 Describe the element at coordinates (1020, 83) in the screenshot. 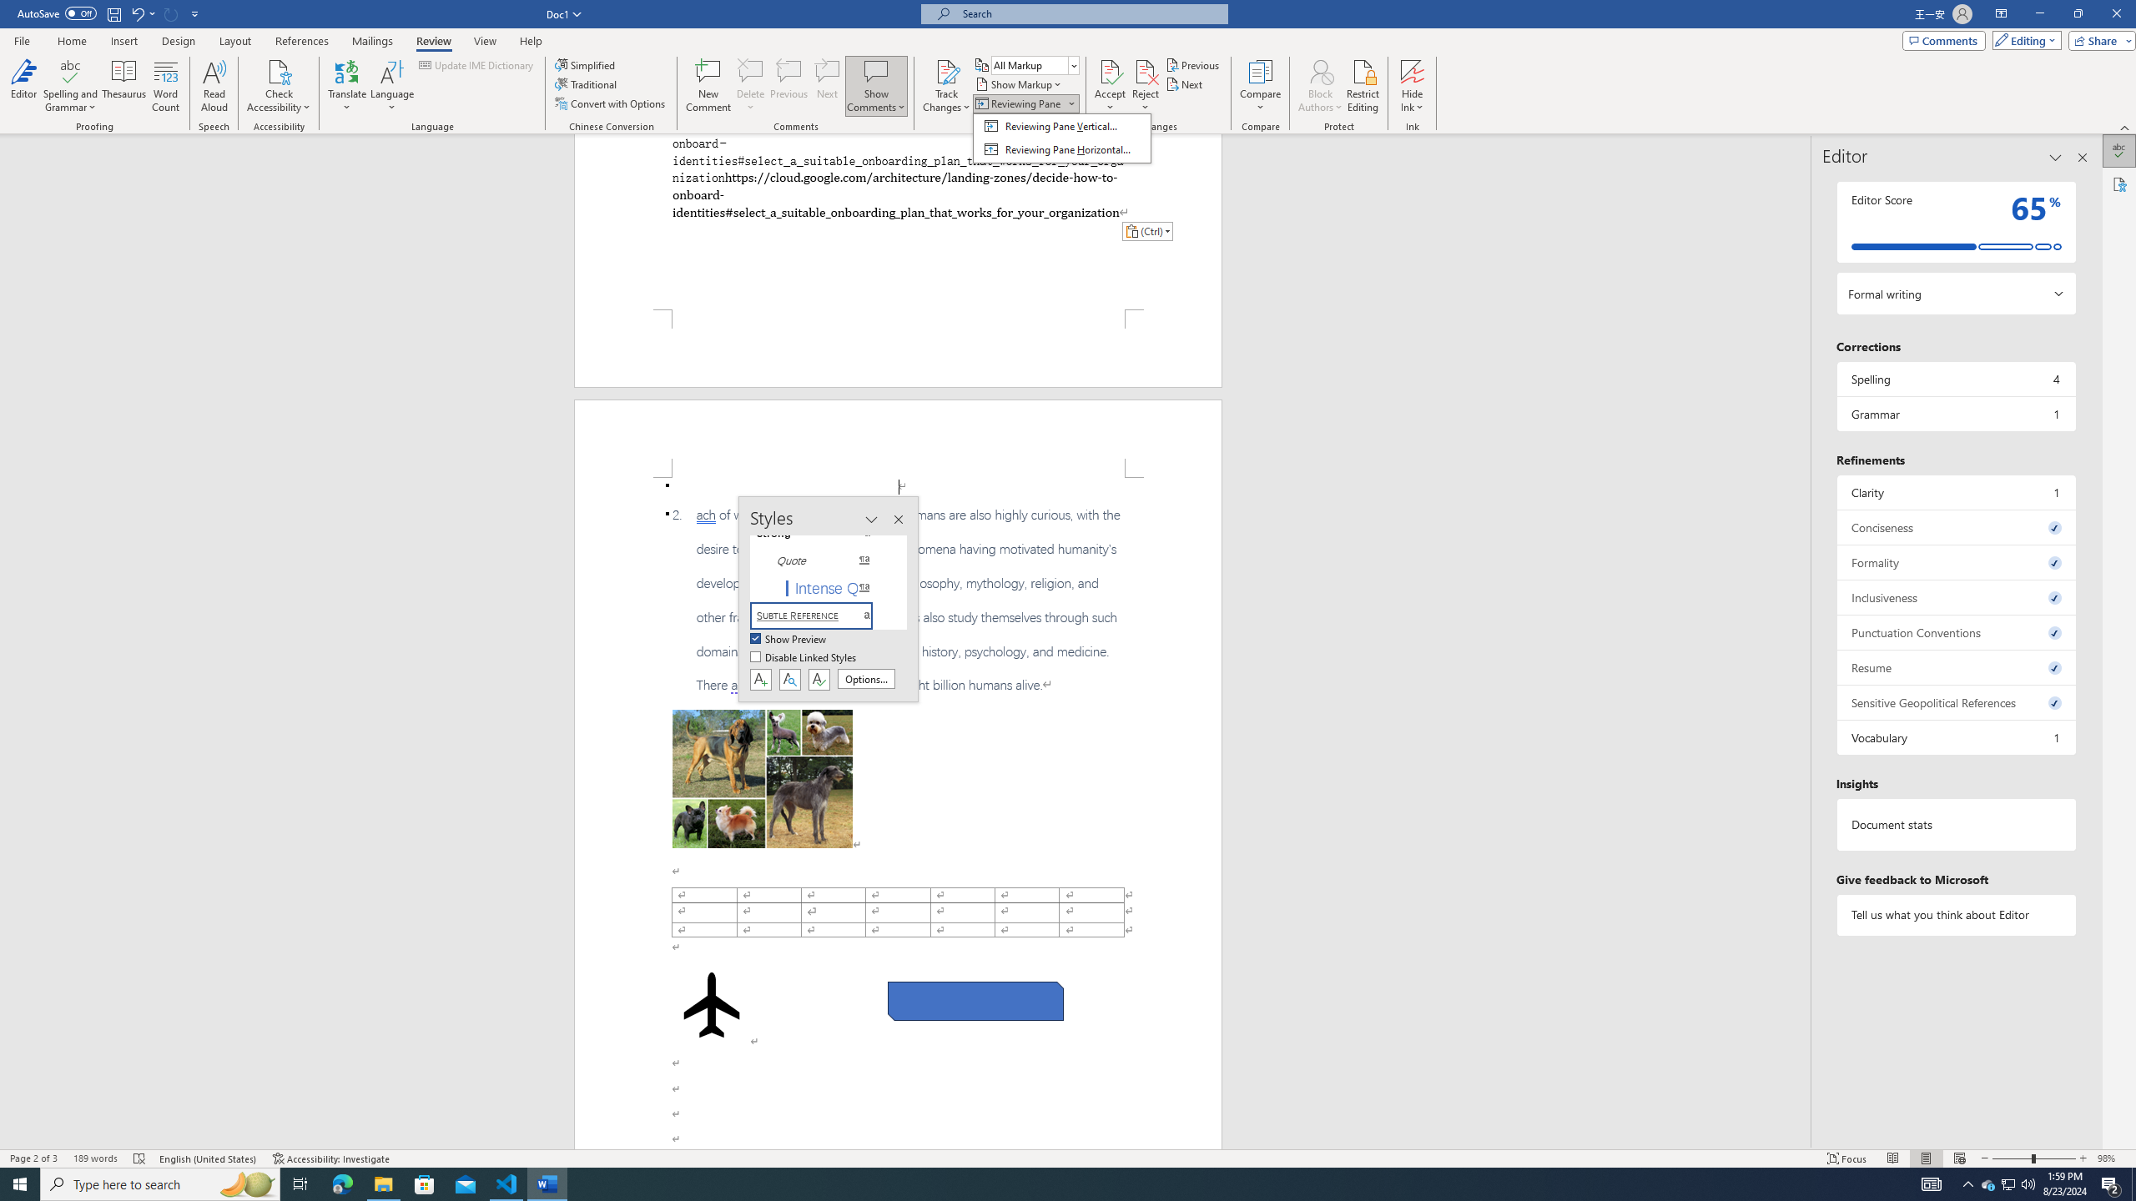

I see `'Show Markup'` at that location.